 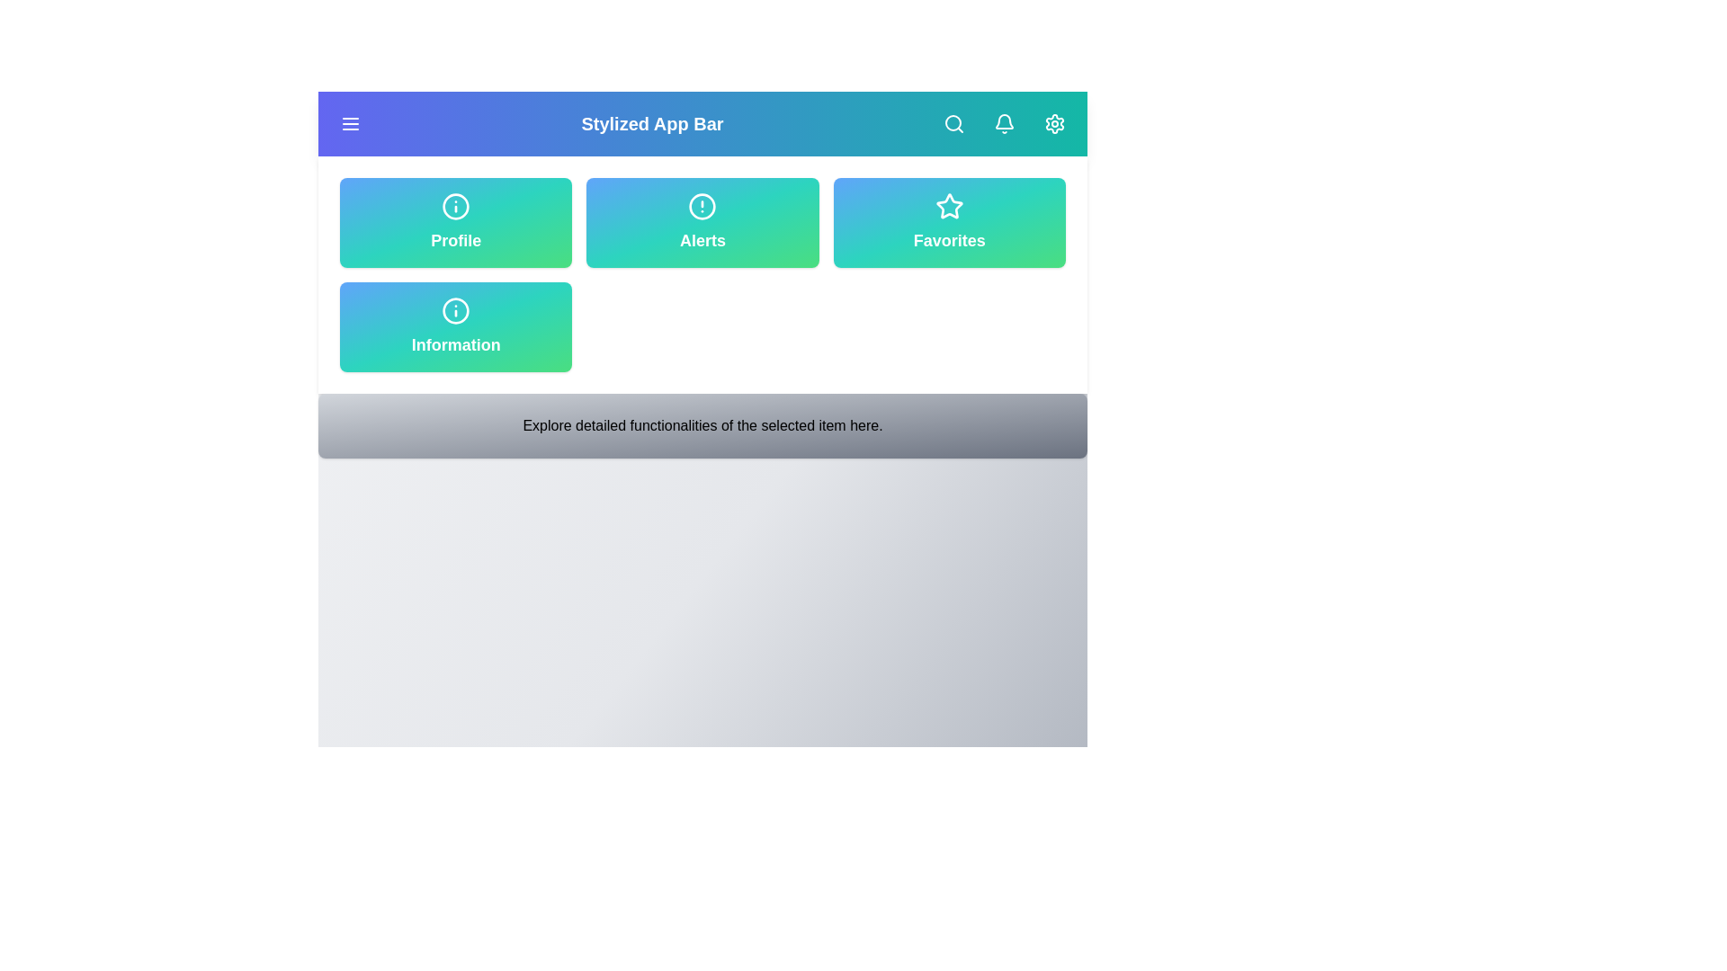 I want to click on the 'Favorites' button to select it, so click(x=948, y=221).